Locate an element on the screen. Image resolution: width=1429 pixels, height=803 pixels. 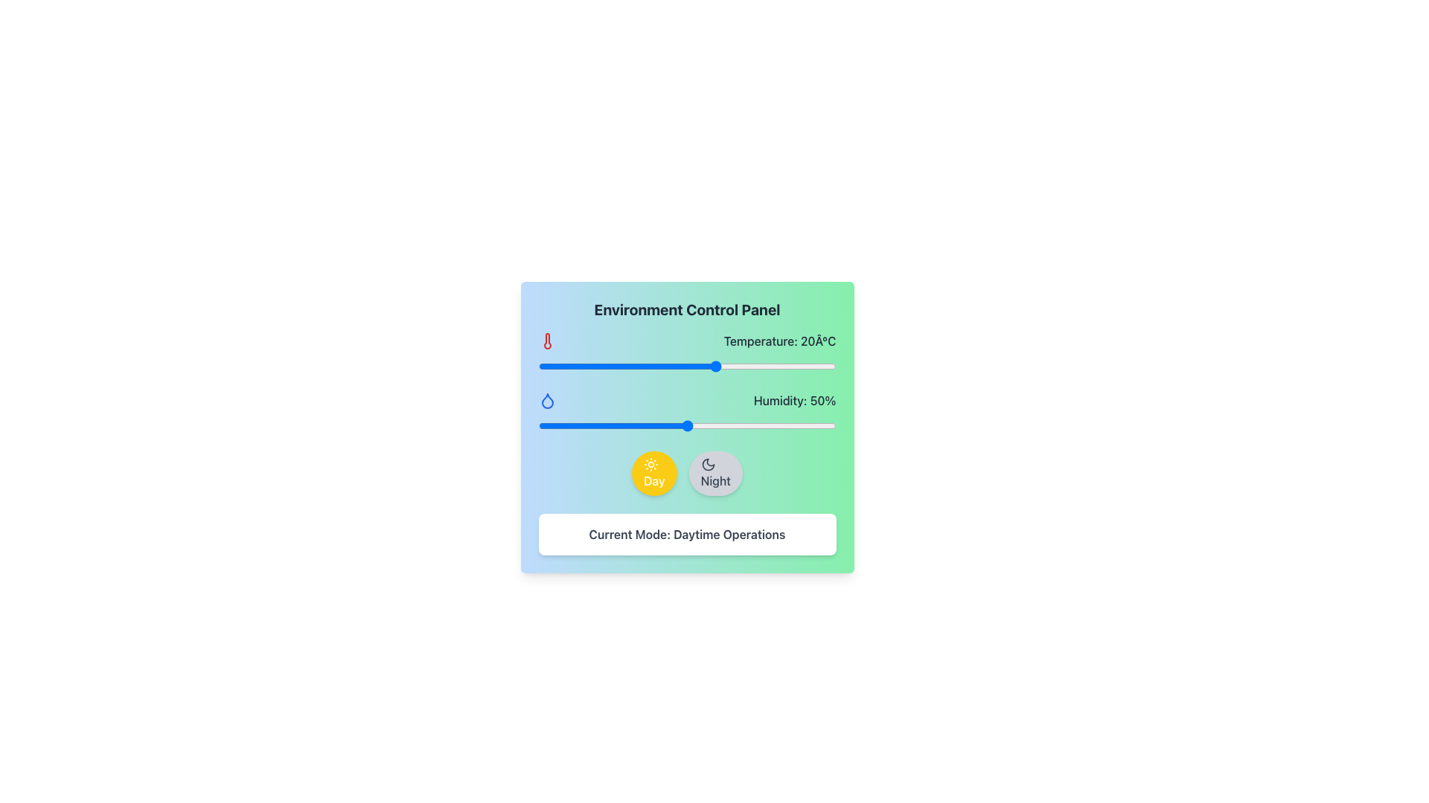
the temperature is located at coordinates (805, 367).